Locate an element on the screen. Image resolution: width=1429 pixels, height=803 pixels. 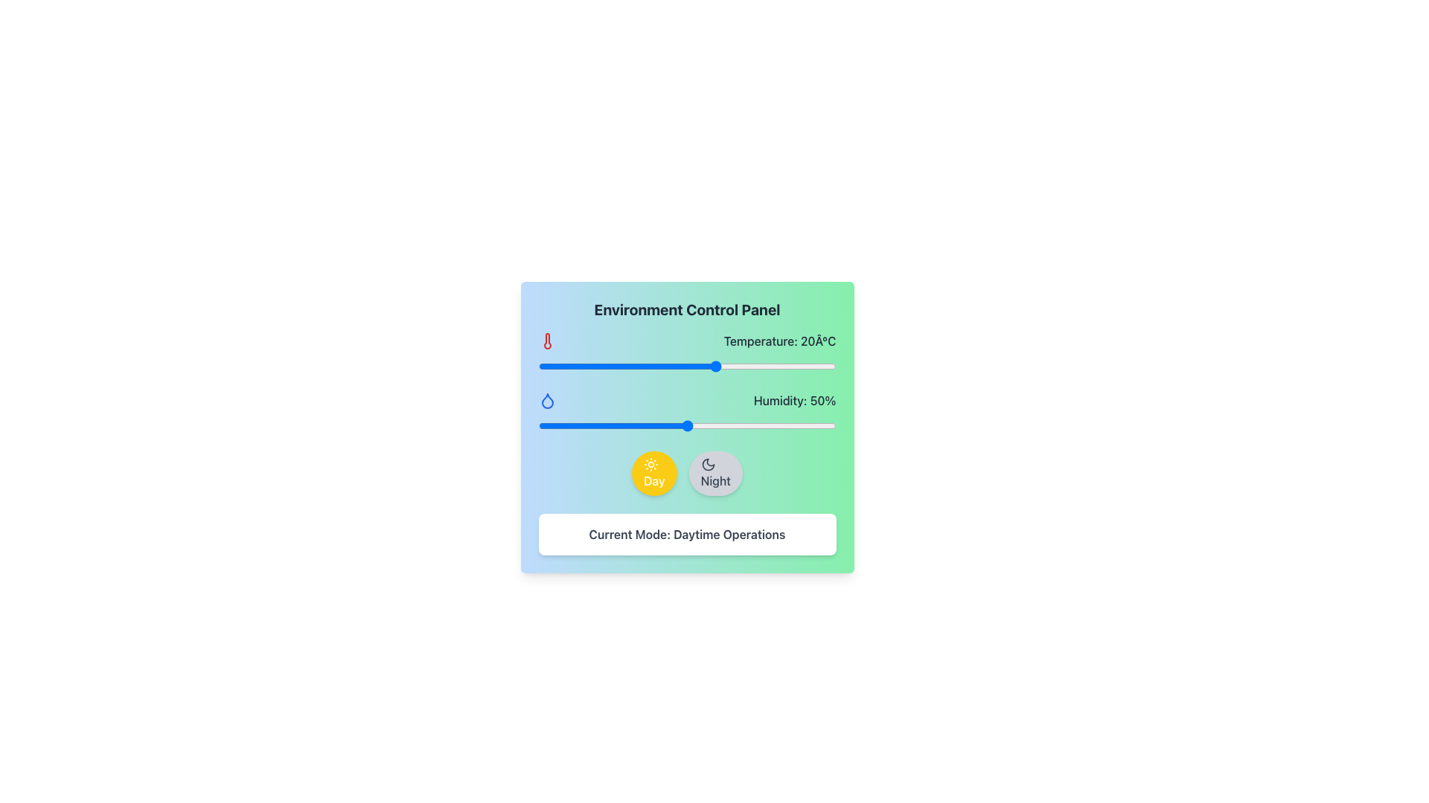
the temperature is located at coordinates (805, 367).